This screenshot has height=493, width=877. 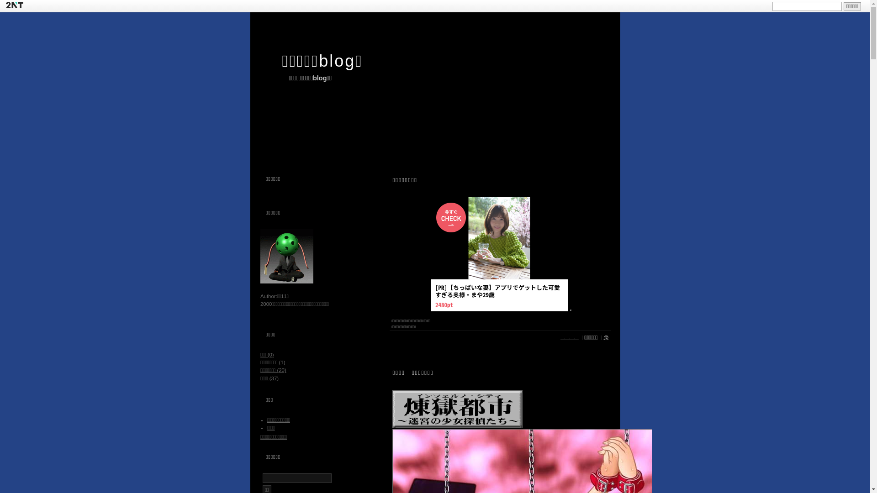 I want to click on '@', so click(x=606, y=337).